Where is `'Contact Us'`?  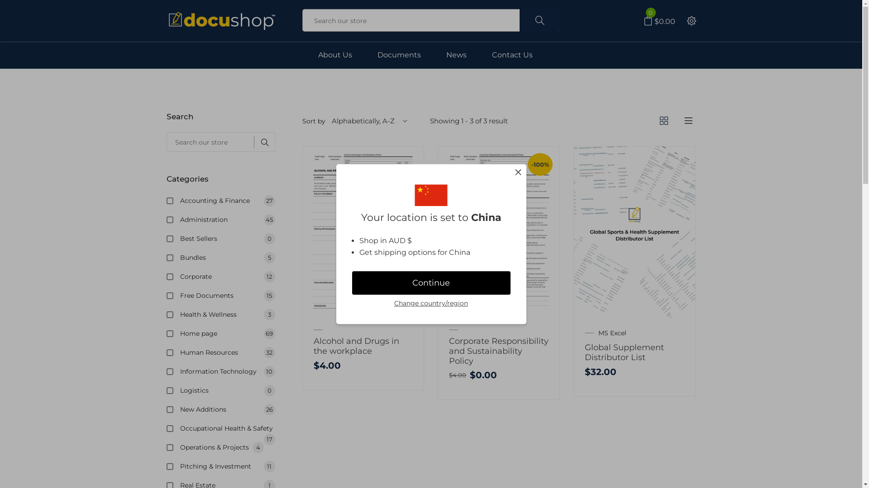
'Contact Us' is located at coordinates (491, 55).